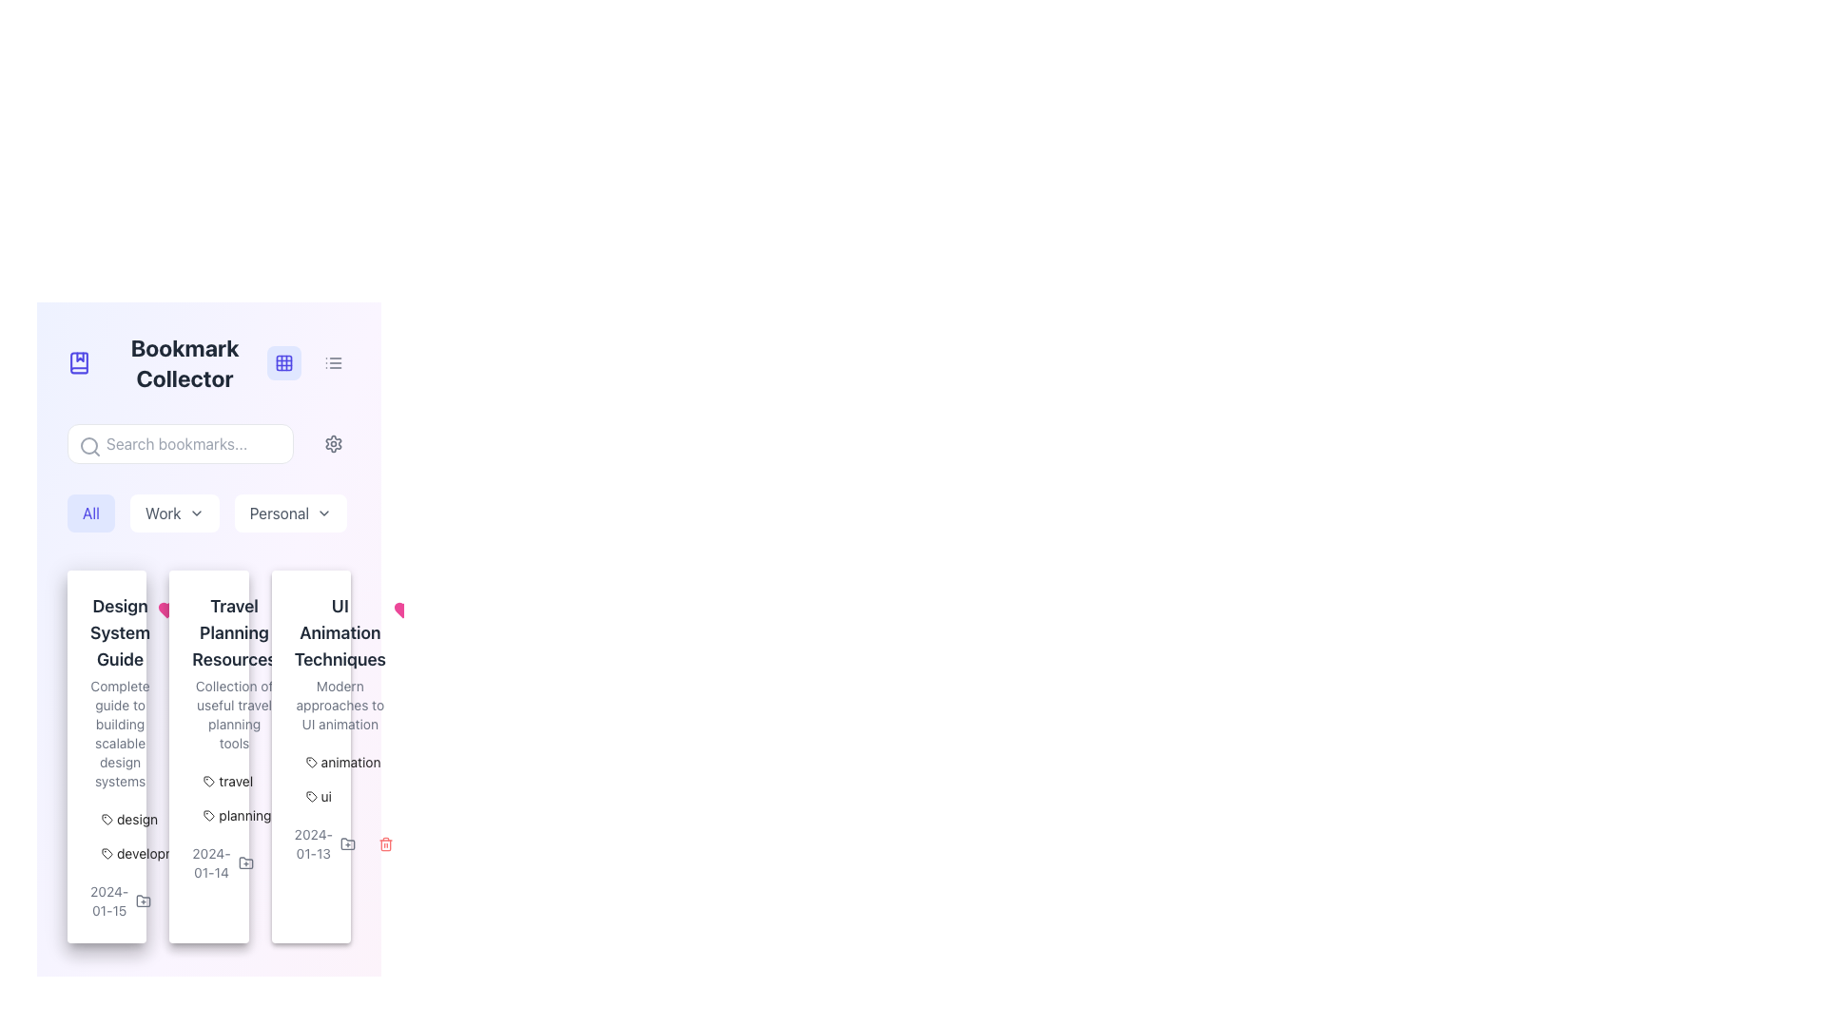  What do you see at coordinates (143, 901) in the screenshot?
I see `the 'add to folder' icon button located in the circular hoverable area on the right side of the card` at bounding box center [143, 901].